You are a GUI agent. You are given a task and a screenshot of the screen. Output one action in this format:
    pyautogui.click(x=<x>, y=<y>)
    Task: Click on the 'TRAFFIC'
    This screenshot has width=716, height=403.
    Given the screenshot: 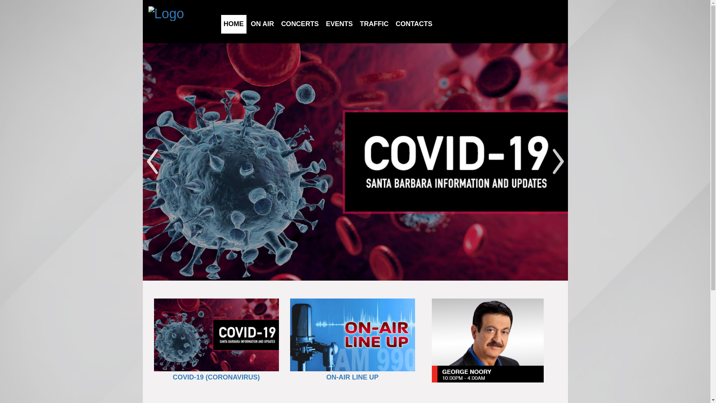 What is the action you would take?
    pyautogui.click(x=374, y=24)
    